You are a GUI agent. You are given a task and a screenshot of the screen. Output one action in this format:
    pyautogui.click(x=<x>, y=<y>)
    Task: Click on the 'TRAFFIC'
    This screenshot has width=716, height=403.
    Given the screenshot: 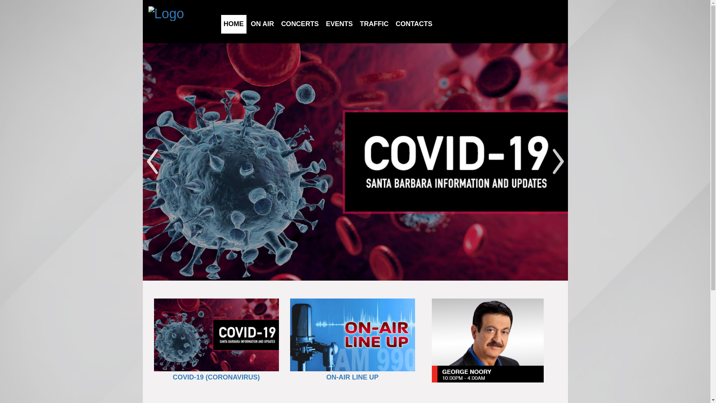 What is the action you would take?
    pyautogui.click(x=374, y=24)
    